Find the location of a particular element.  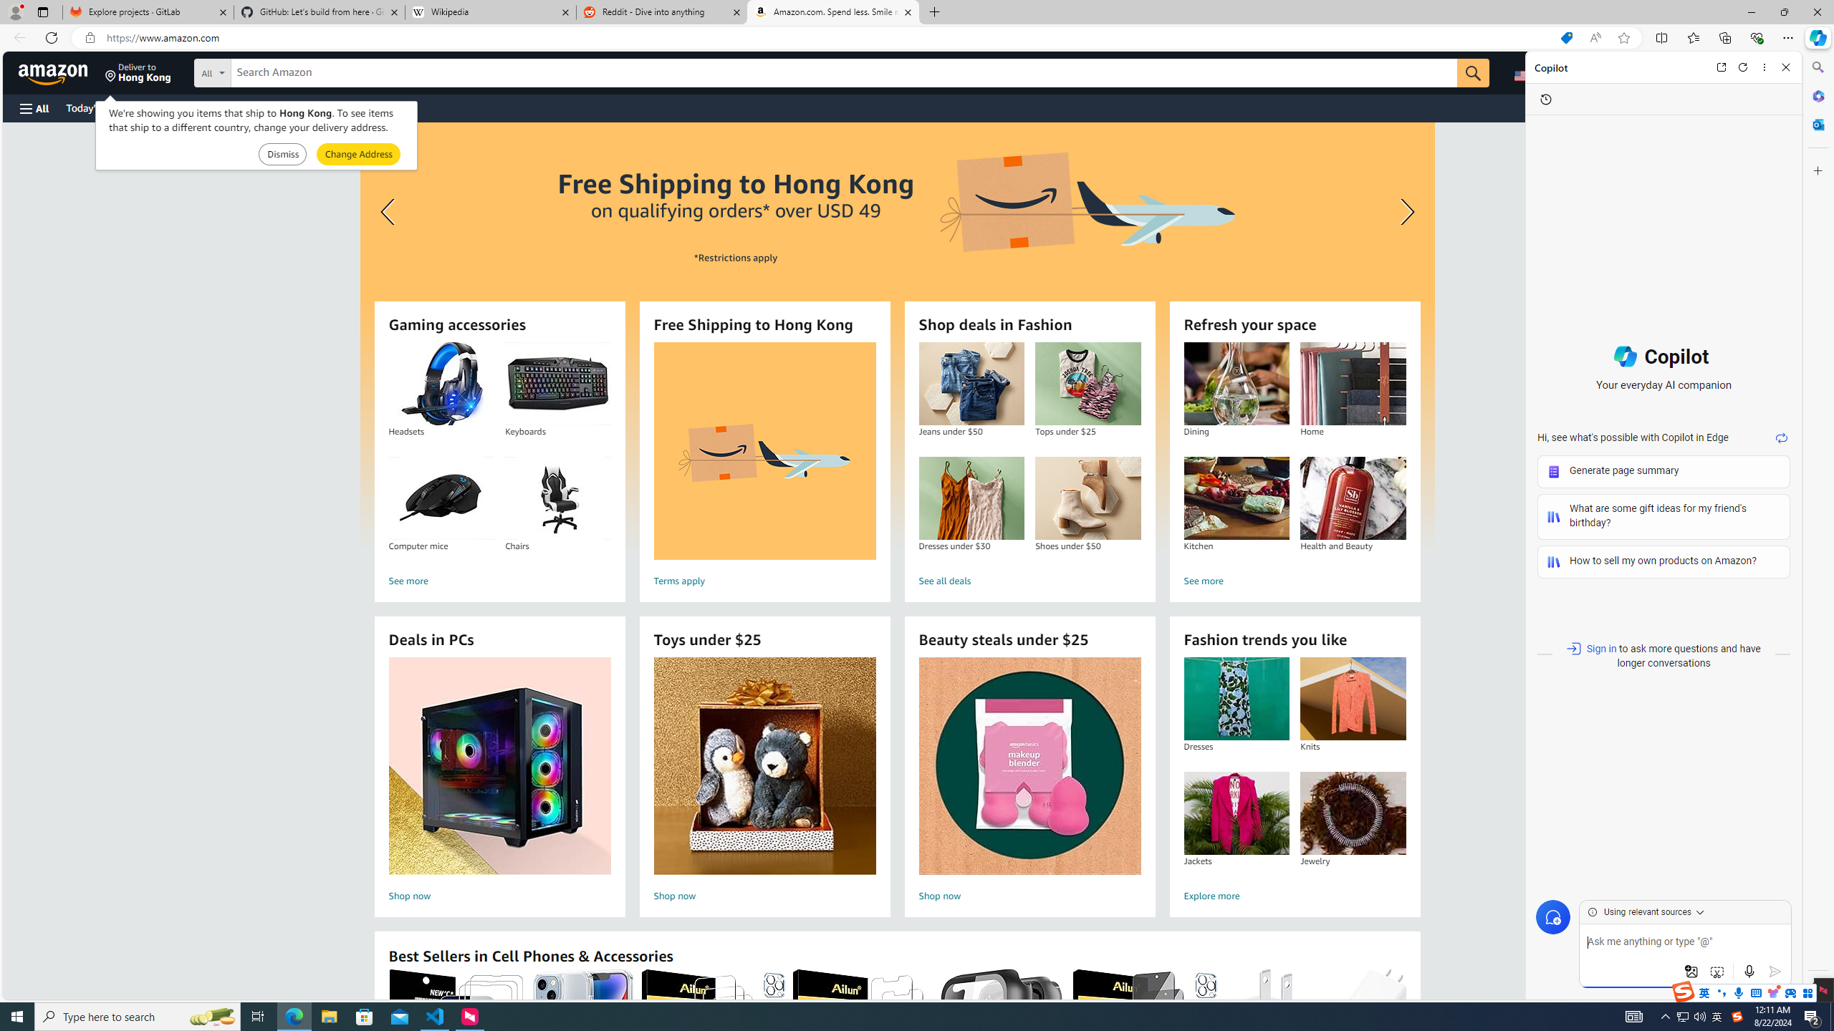

'Headsets' is located at coordinates (441, 384).